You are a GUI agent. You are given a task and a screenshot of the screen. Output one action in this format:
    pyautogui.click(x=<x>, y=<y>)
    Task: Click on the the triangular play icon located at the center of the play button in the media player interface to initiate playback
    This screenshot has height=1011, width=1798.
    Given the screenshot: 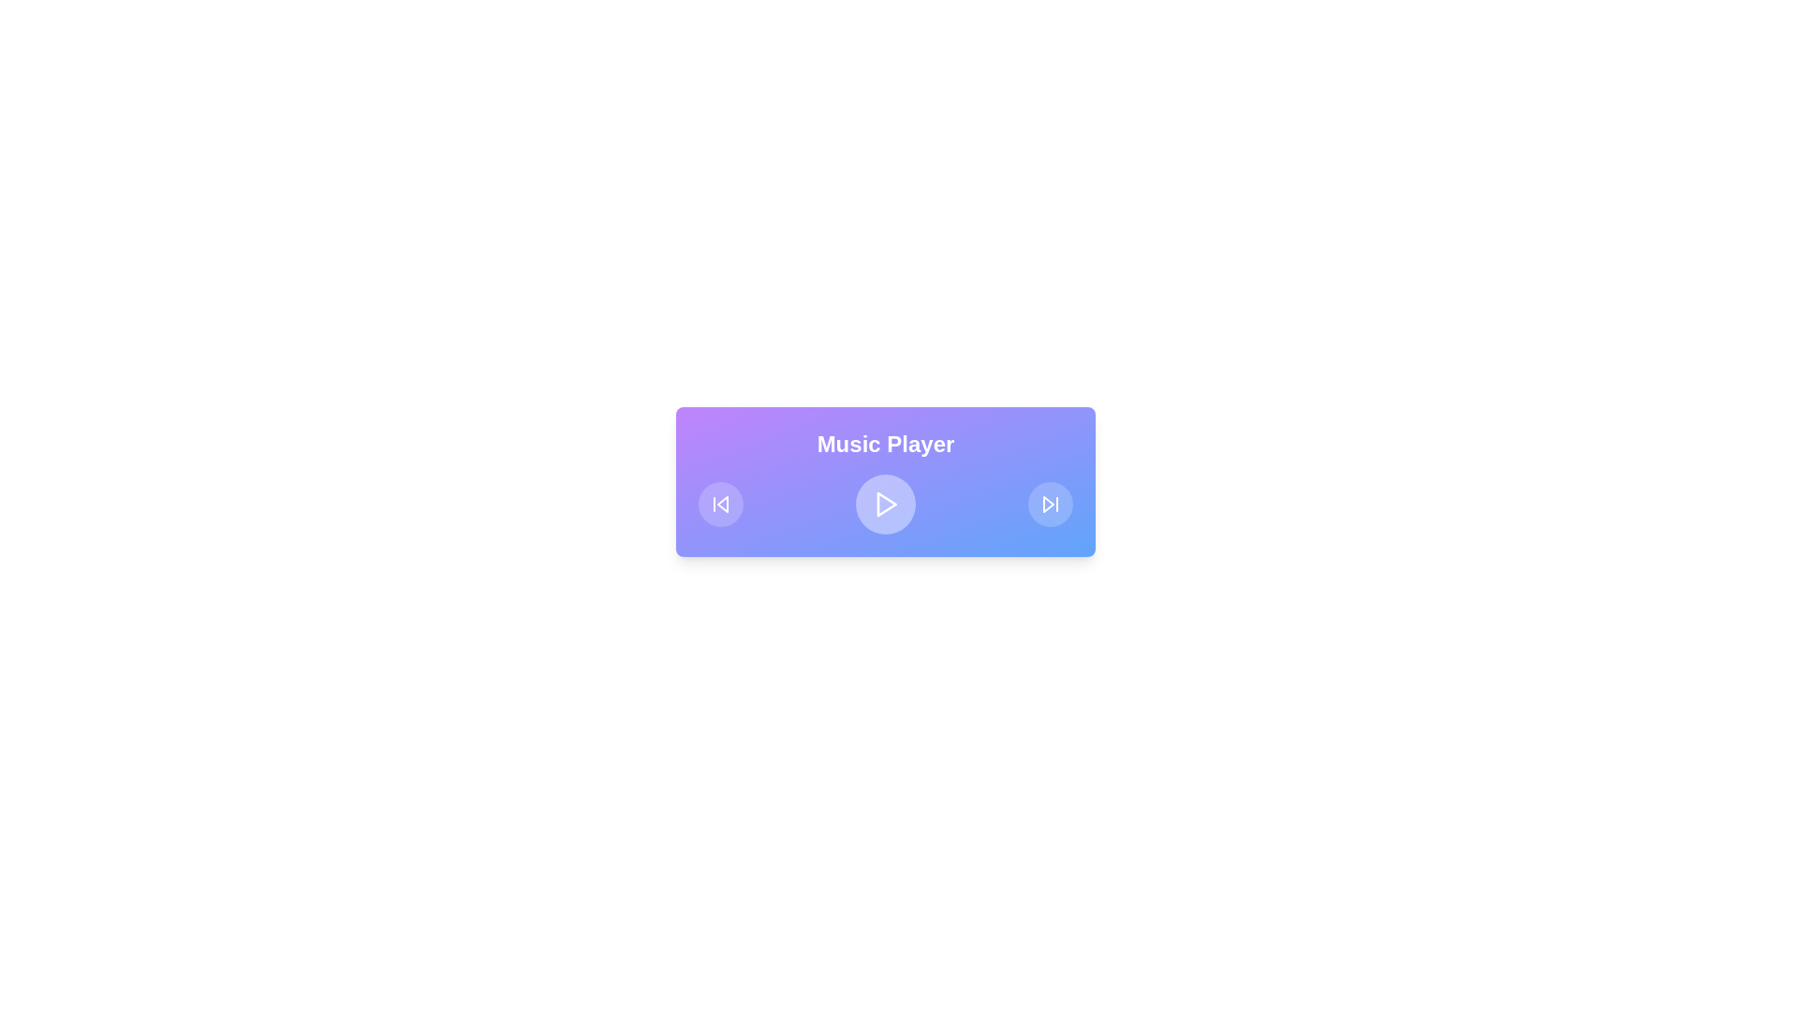 What is the action you would take?
    pyautogui.click(x=886, y=504)
    